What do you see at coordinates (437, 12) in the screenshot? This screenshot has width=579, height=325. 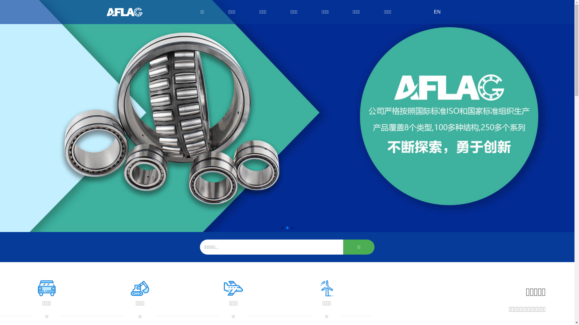 I see `'EN'` at bounding box center [437, 12].